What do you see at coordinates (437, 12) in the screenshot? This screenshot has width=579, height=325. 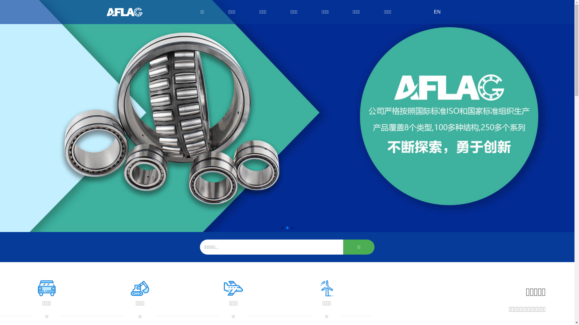 I see `'EN'` at bounding box center [437, 12].